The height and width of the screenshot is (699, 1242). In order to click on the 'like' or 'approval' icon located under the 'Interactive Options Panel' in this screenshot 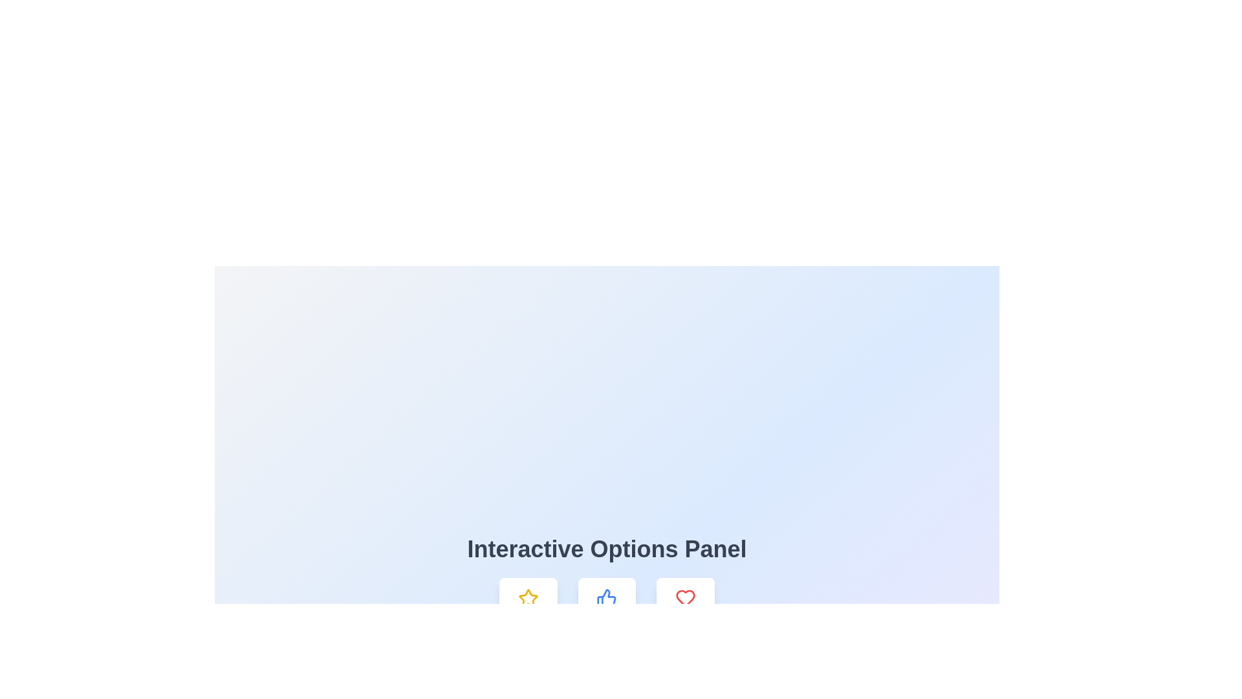, I will do `click(606, 599)`.